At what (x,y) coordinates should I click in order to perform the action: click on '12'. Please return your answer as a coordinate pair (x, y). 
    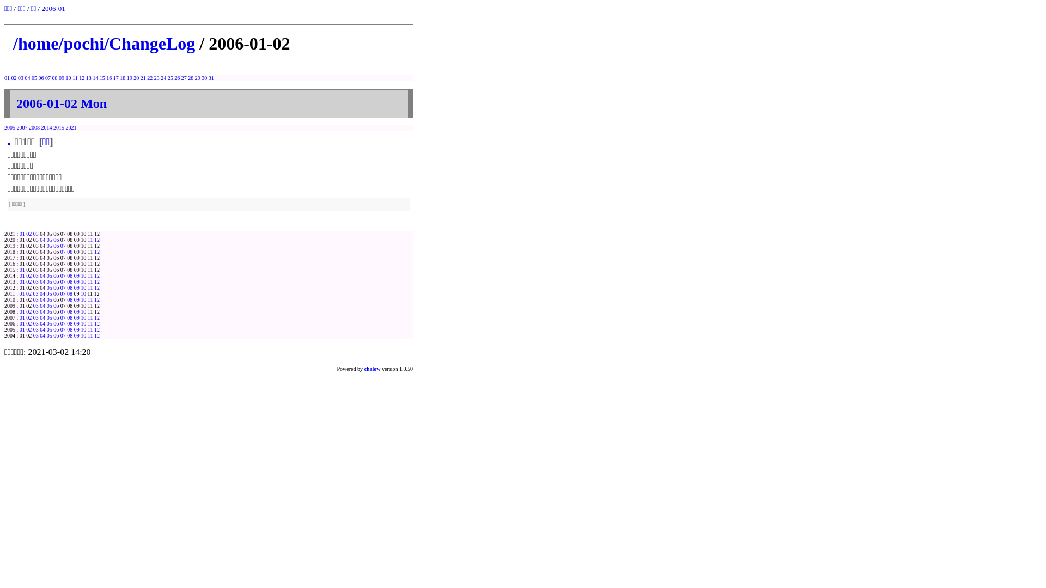
    Looking at the image, I should click on (96, 335).